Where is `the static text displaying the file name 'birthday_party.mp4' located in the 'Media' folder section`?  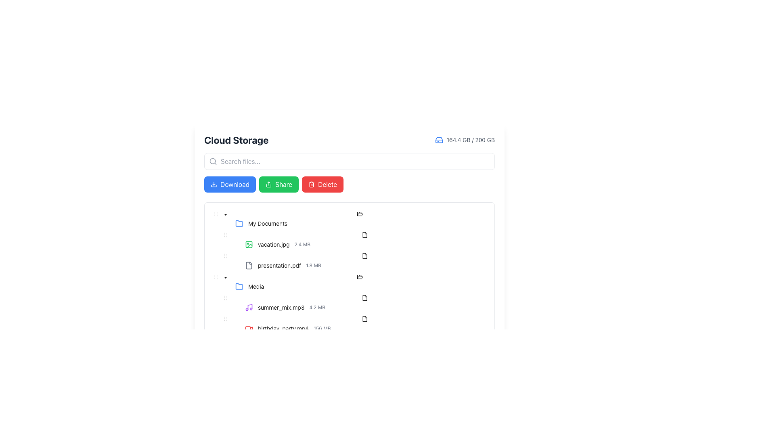 the static text displaying the file name 'birthday_party.mp4' located in the 'Media' folder section is located at coordinates (283, 328).